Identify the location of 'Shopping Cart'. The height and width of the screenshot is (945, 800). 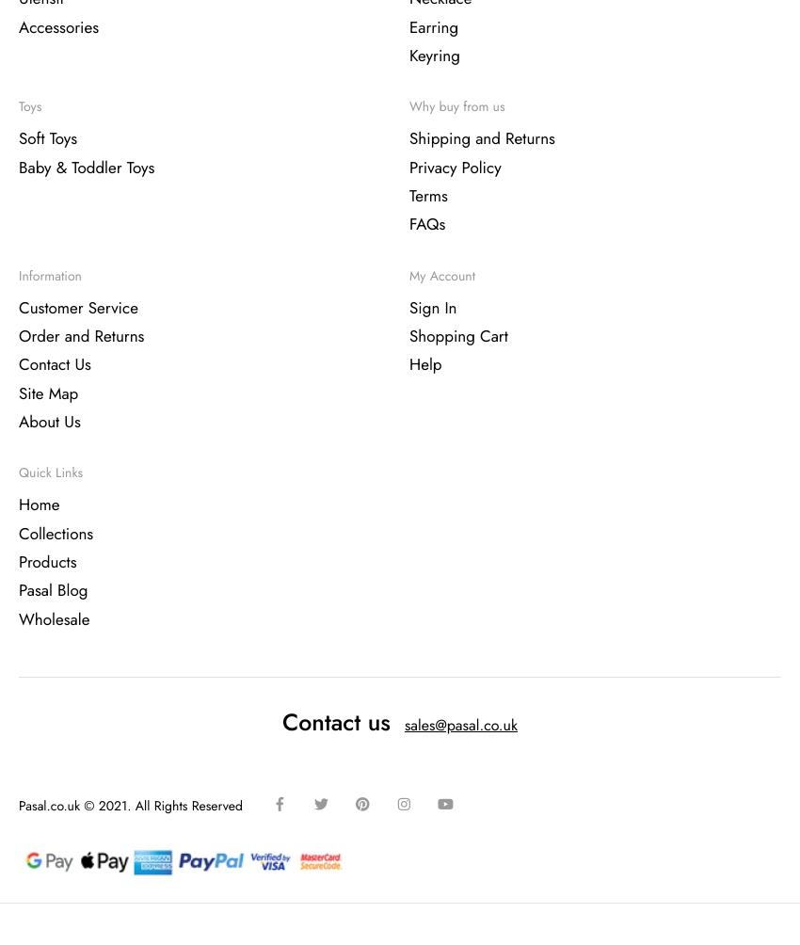
(457, 337).